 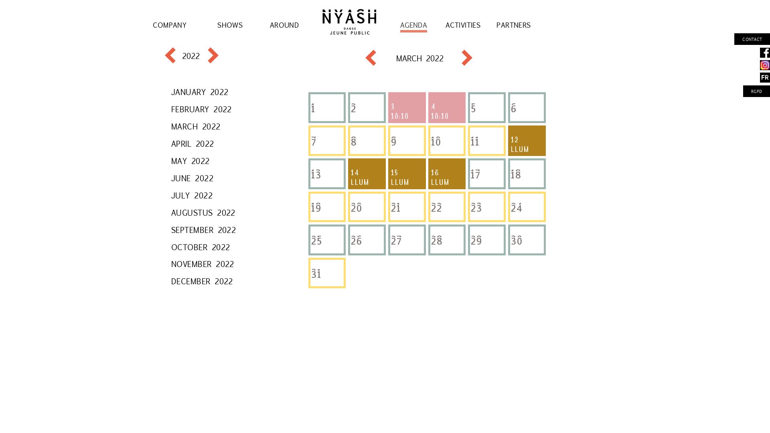 What do you see at coordinates (191, 195) in the screenshot?
I see `'JULY 2022'` at bounding box center [191, 195].